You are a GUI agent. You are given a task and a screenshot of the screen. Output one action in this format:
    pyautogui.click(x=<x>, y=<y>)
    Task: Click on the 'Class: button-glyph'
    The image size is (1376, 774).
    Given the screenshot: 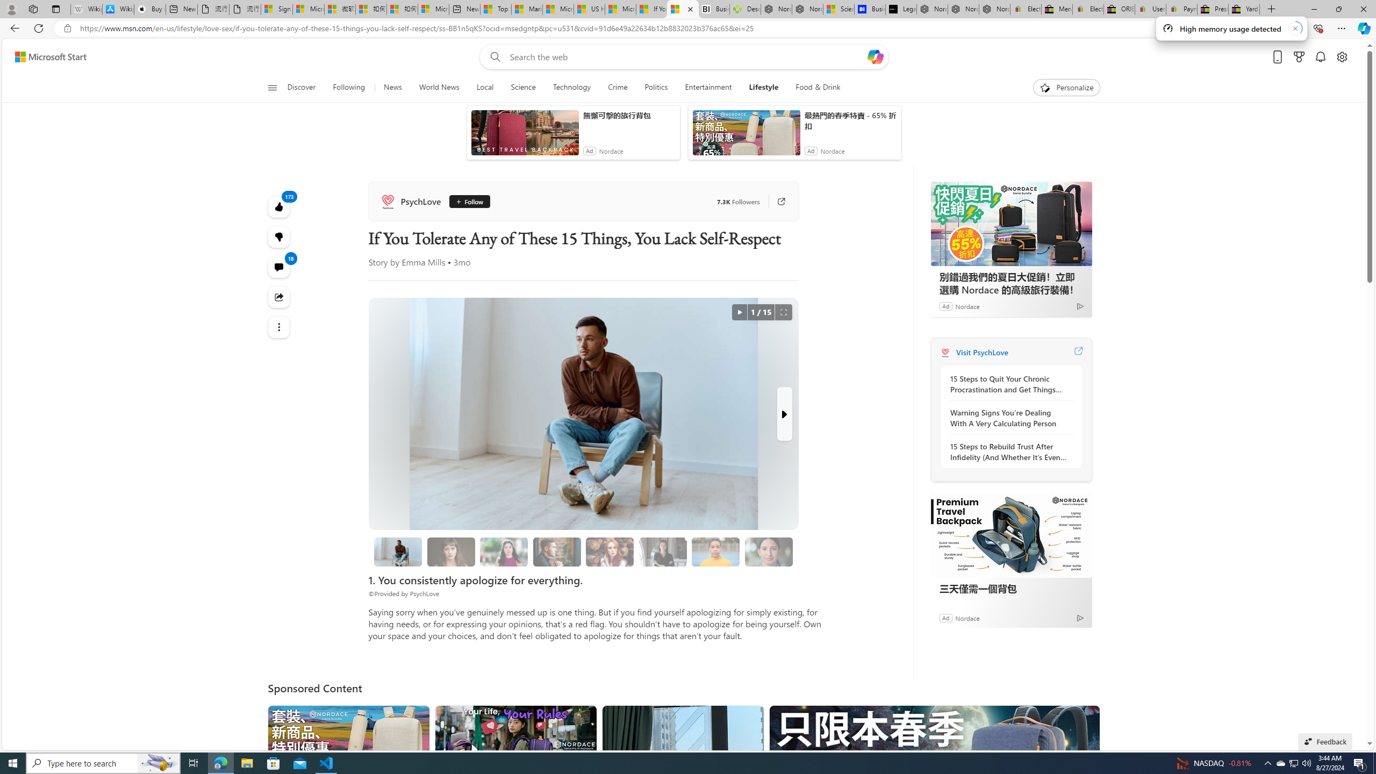 What is the action you would take?
    pyautogui.click(x=271, y=87)
    